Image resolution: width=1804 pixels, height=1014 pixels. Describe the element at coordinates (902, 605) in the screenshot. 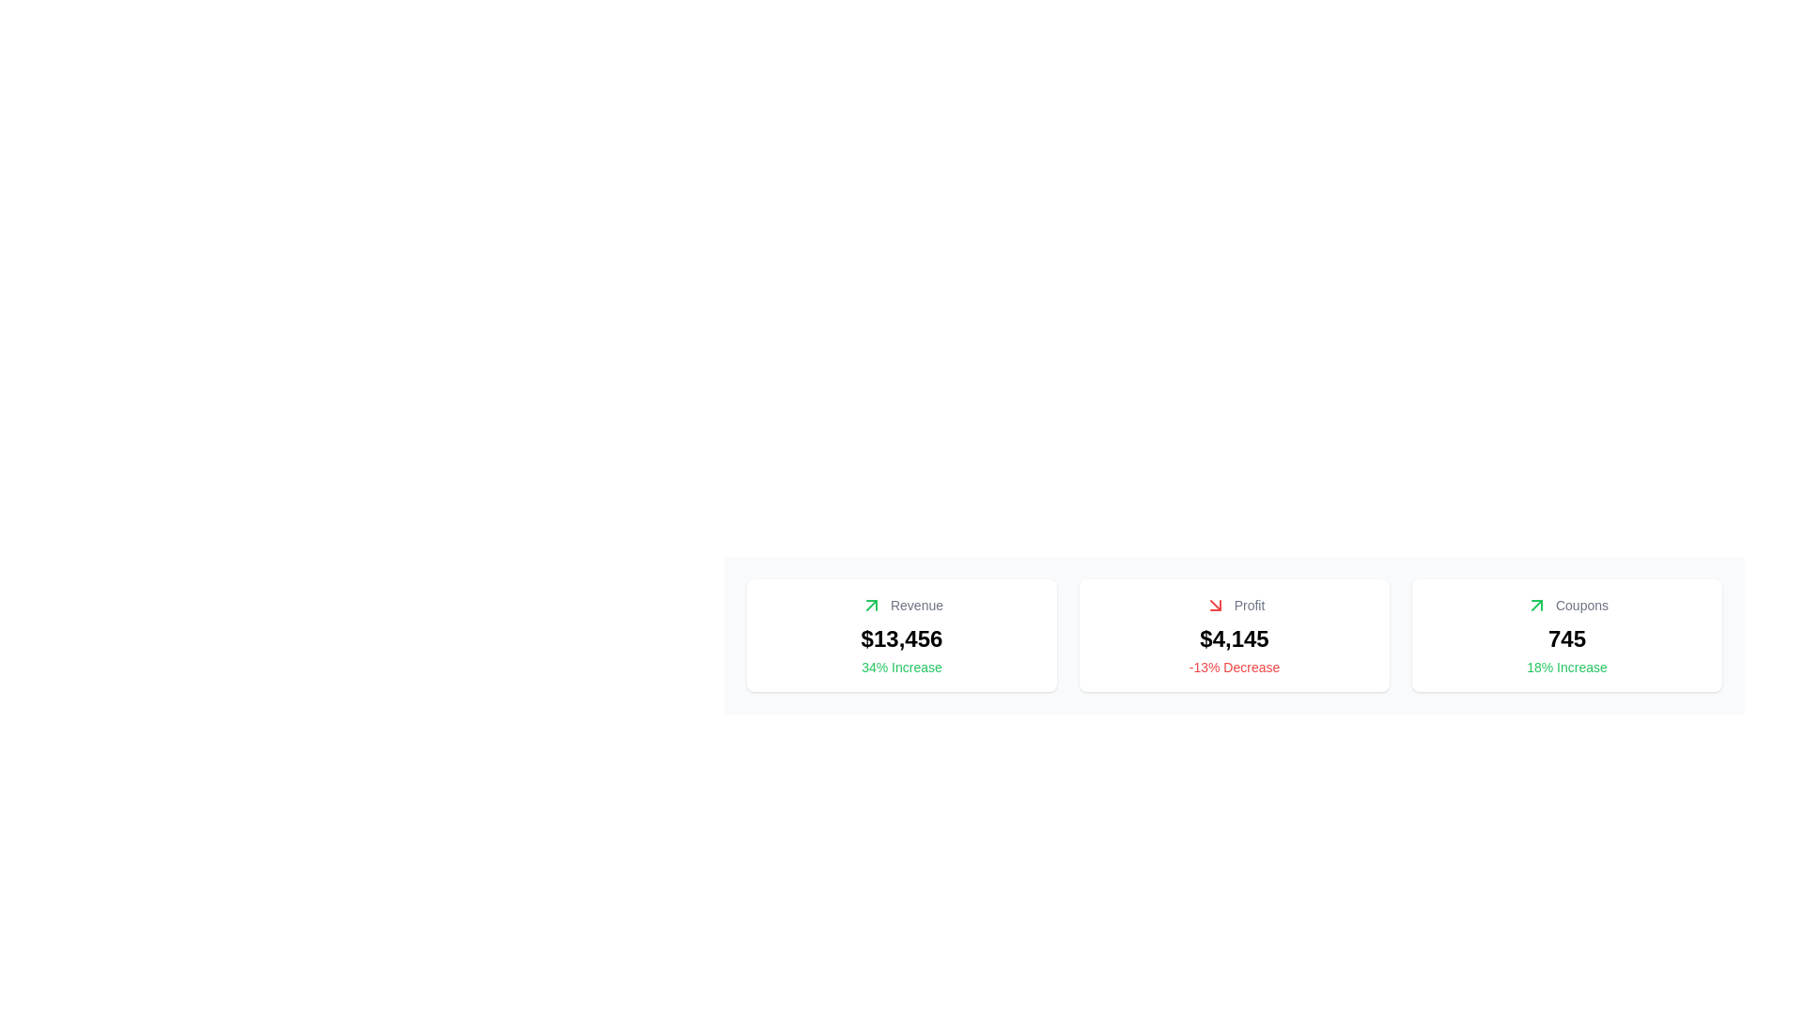

I see `the 'Revenue' text label displayed in light gray color at the top of the financial metrics card, located to the left of the revenue amount and near the green upward arrow` at that location.